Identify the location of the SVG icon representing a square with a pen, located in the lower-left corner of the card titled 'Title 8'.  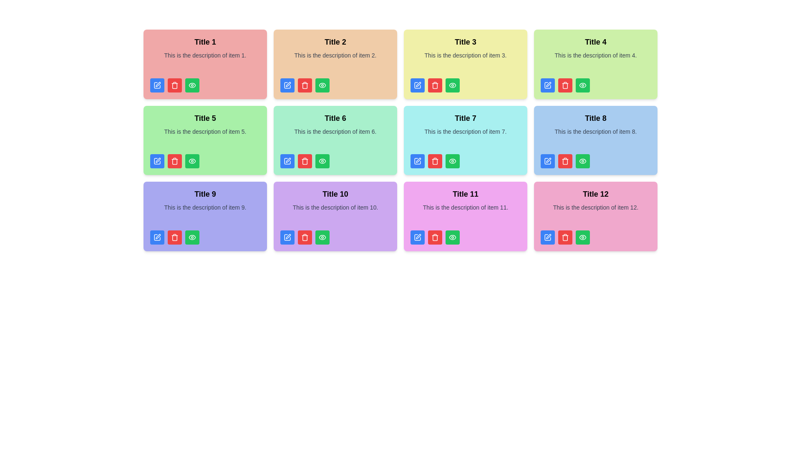
(548, 161).